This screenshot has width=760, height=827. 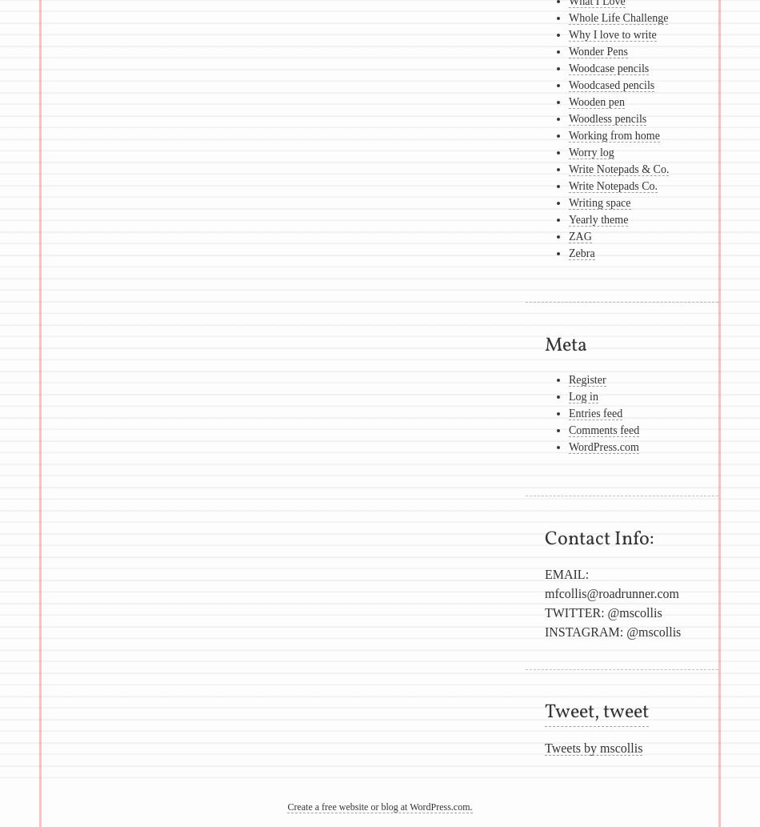 What do you see at coordinates (602, 446) in the screenshot?
I see `'WordPress.com'` at bounding box center [602, 446].